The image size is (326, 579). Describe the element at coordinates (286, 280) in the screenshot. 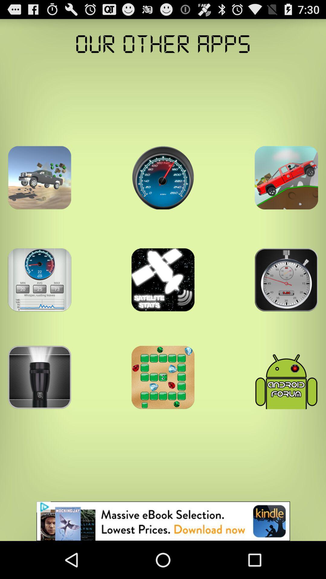

I see `click timer` at that location.